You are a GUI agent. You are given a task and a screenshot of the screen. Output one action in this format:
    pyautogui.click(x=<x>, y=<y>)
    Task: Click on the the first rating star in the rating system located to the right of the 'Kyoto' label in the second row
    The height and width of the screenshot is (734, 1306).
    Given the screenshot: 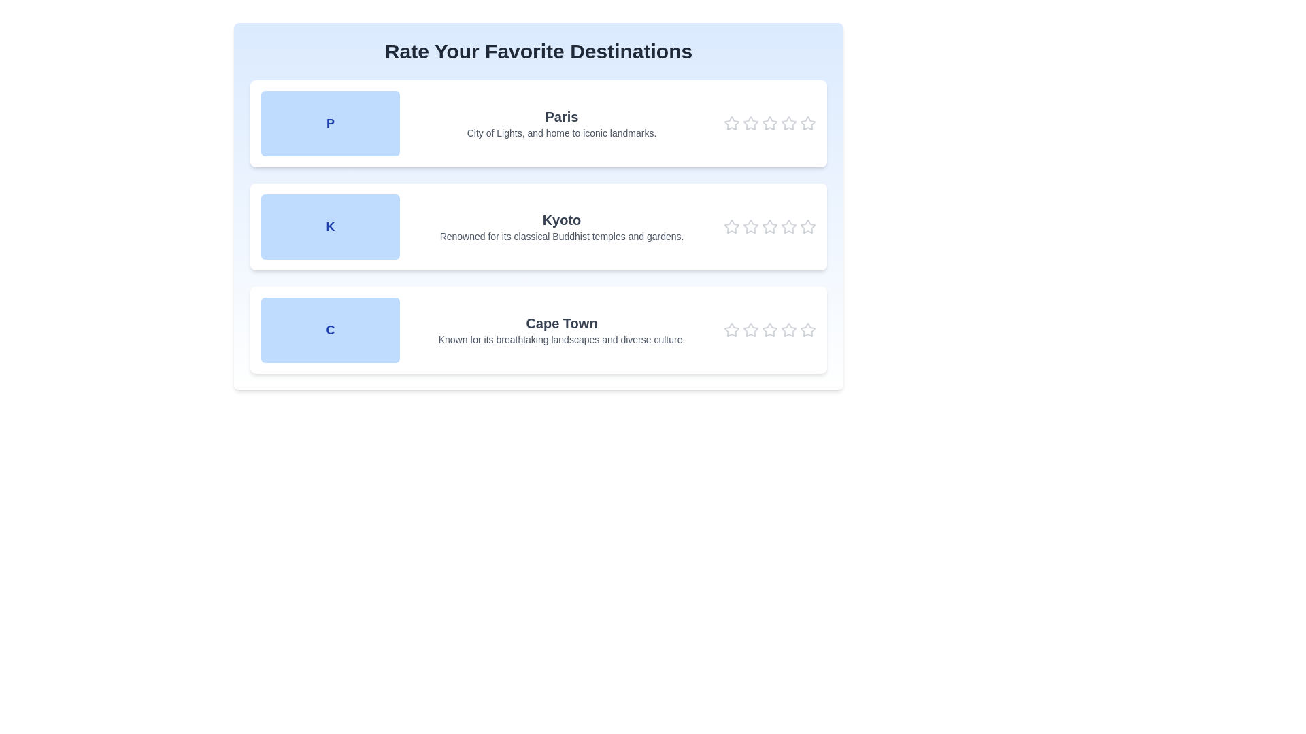 What is the action you would take?
    pyautogui.click(x=731, y=226)
    